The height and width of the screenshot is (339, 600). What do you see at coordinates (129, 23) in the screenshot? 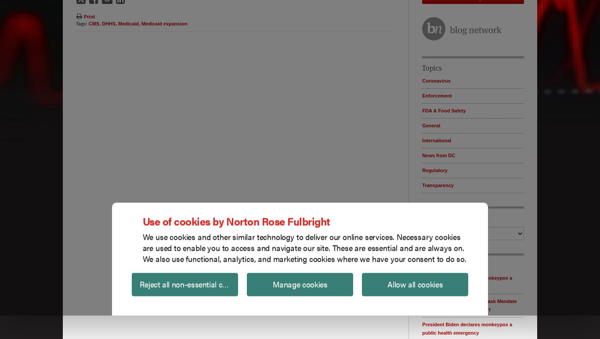
I see `'Medicaid,'` at bounding box center [129, 23].